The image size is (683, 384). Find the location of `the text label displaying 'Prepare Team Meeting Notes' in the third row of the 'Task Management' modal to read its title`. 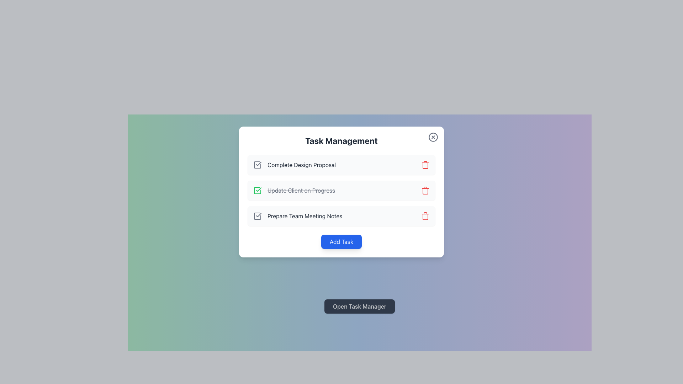

the text label displaying 'Prepare Team Meeting Notes' in the third row of the 'Task Management' modal to read its title is located at coordinates (298, 216).